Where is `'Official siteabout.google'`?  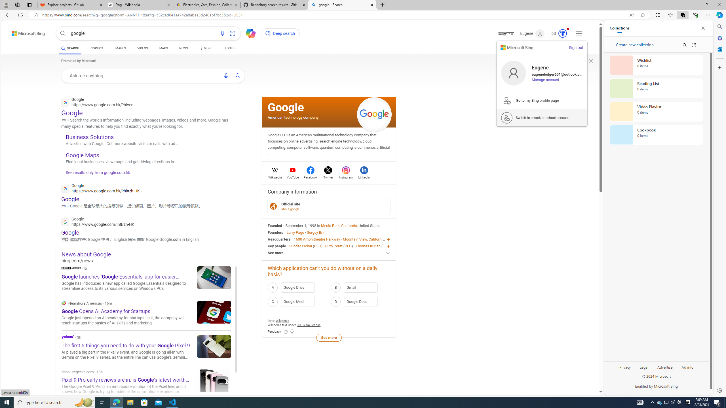 'Official siteabout.google' is located at coordinates (329, 206).